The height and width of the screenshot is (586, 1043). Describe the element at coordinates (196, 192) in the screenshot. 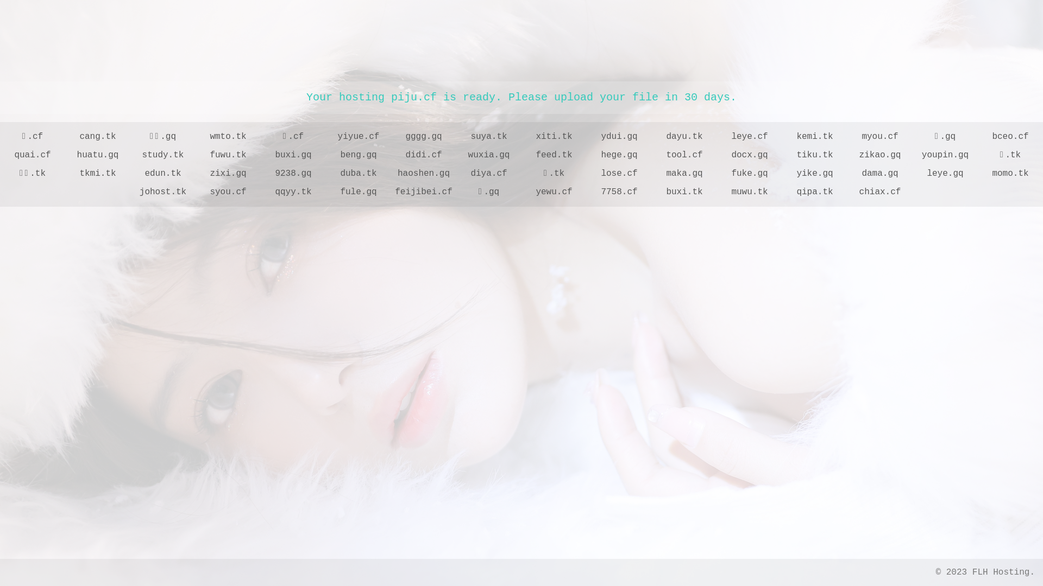

I see `'syou.cf'` at that location.